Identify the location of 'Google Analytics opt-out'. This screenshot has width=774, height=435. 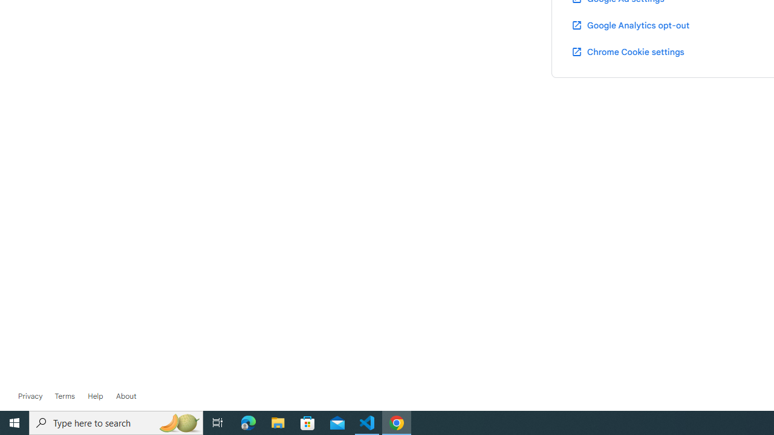
(629, 25).